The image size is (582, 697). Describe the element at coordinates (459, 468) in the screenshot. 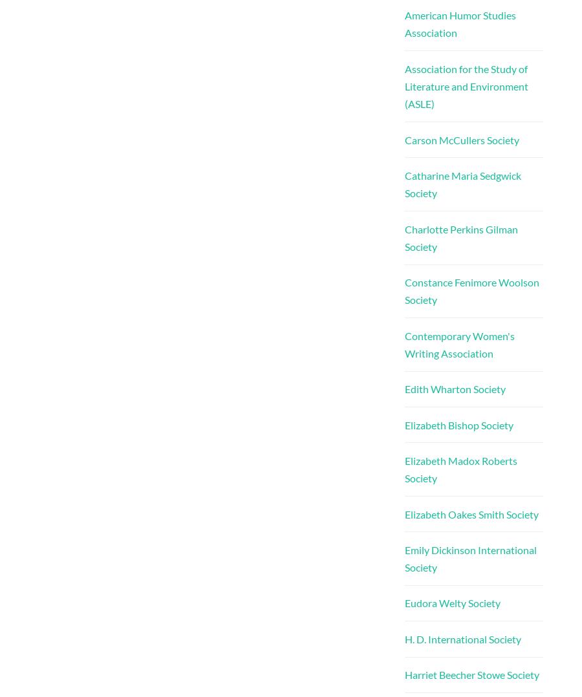

I see `'Elizabeth Madox Roberts Society'` at that location.